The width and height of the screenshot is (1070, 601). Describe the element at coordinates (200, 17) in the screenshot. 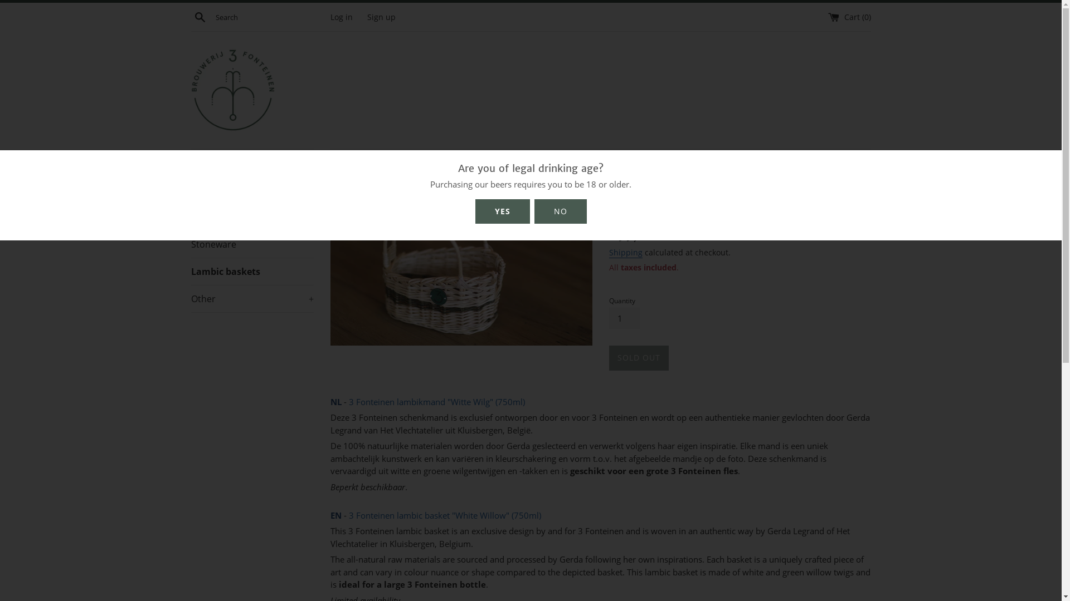

I see `'Search'` at that location.